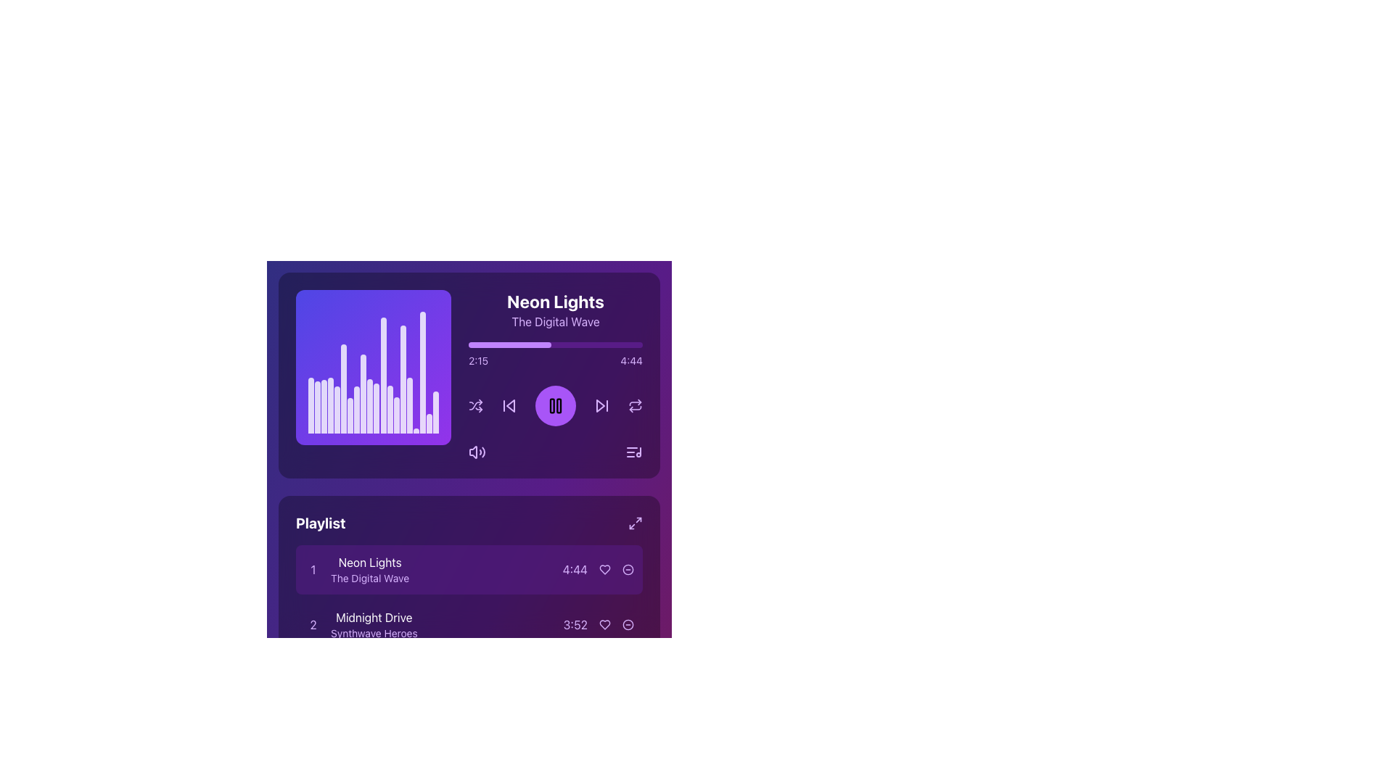  Describe the element at coordinates (628, 569) in the screenshot. I see `the circular button with a purple border and red background, which contains a white dash symbol, located at the rightmost side of the playlist section` at that location.